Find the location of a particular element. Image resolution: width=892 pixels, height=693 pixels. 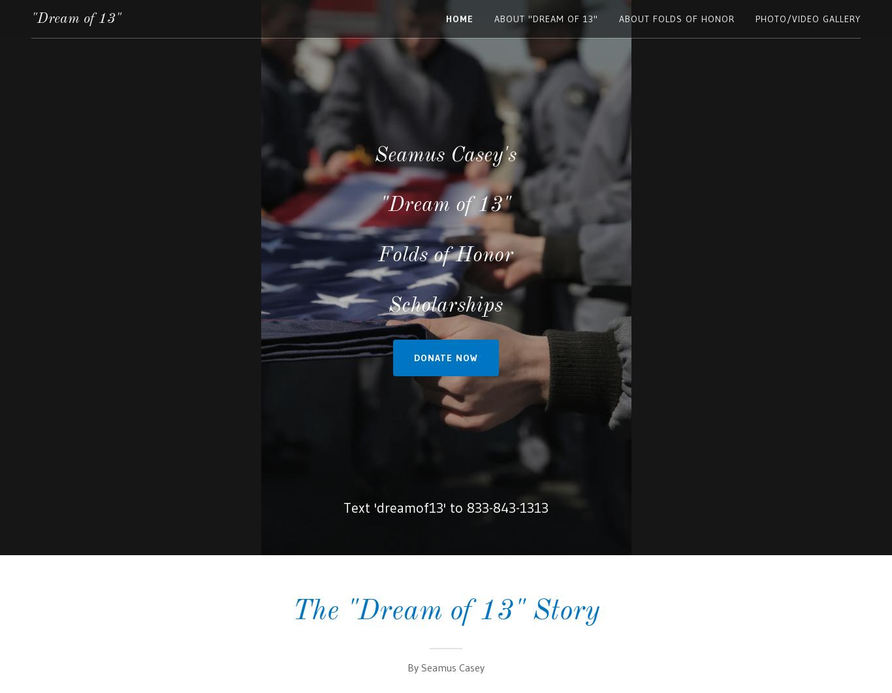

'About Folds of Honor' is located at coordinates (676, 18).